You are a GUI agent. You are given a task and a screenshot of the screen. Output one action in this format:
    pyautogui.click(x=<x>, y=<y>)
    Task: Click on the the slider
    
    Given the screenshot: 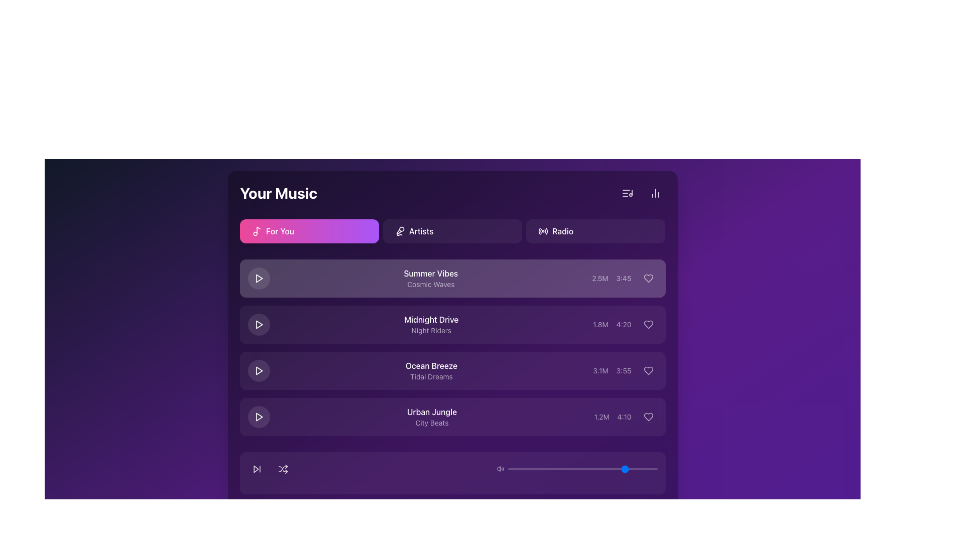 What is the action you would take?
    pyautogui.click(x=584, y=469)
    